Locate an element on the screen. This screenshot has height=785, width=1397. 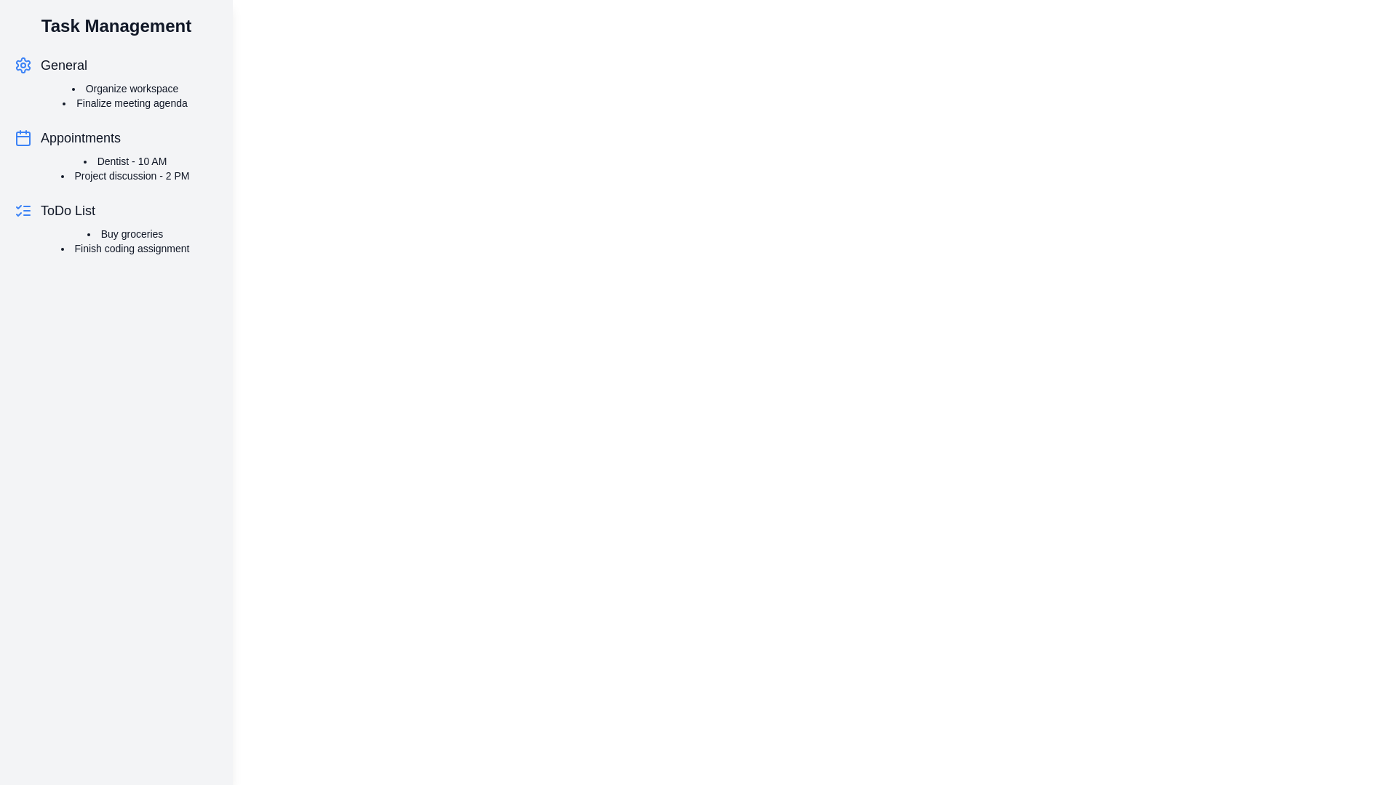
menu button to toggle the drawer visibility is located at coordinates (28, 28).